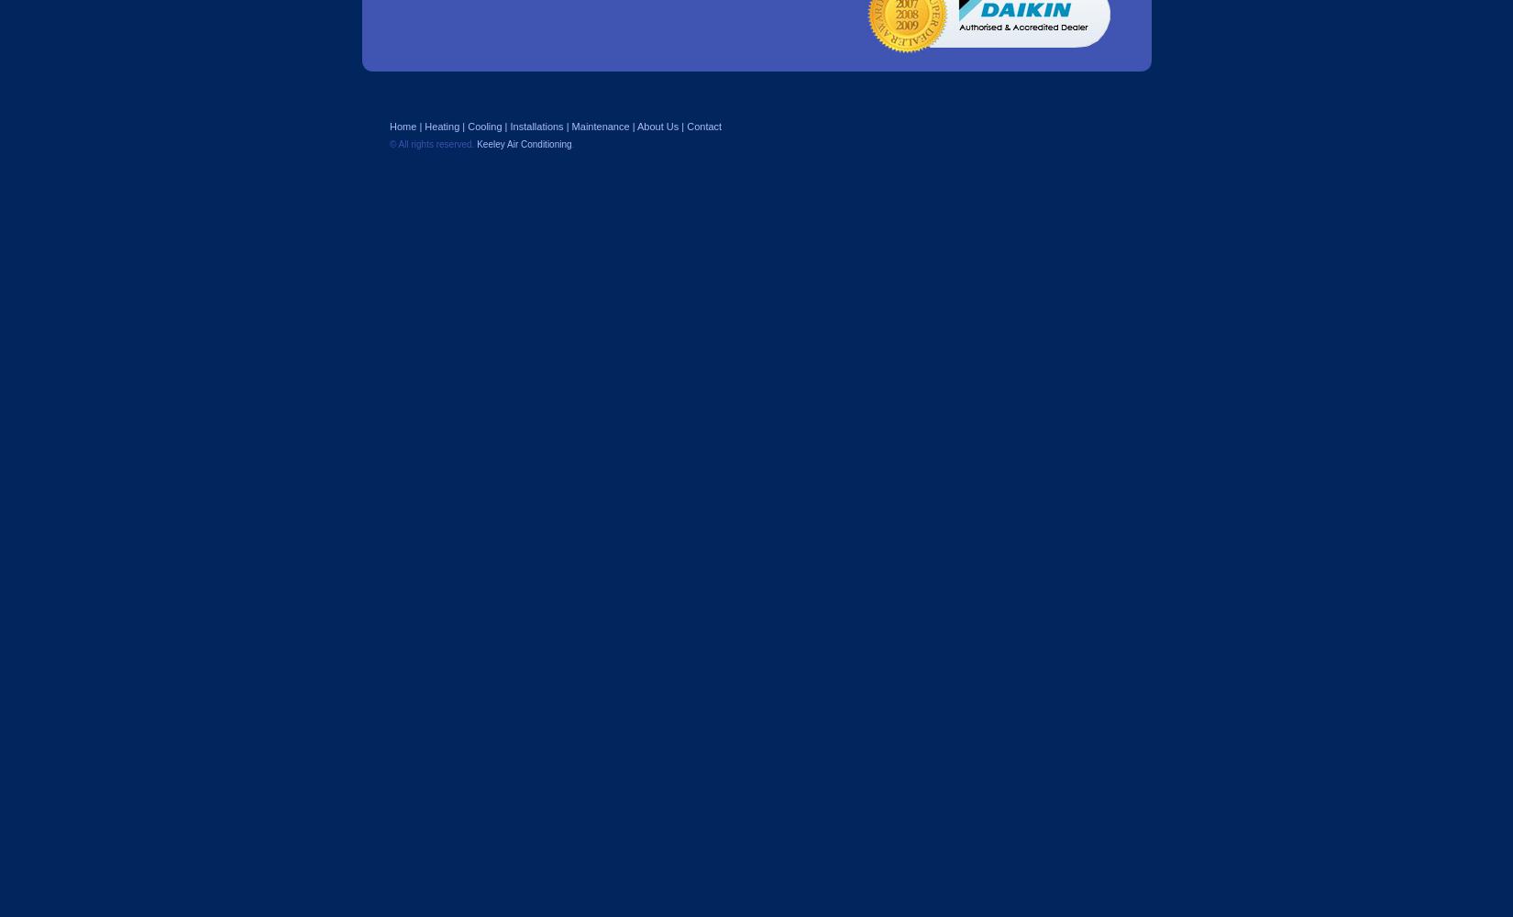  What do you see at coordinates (535, 127) in the screenshot?
I see `'Installations'` at bounding box center [535, 127].